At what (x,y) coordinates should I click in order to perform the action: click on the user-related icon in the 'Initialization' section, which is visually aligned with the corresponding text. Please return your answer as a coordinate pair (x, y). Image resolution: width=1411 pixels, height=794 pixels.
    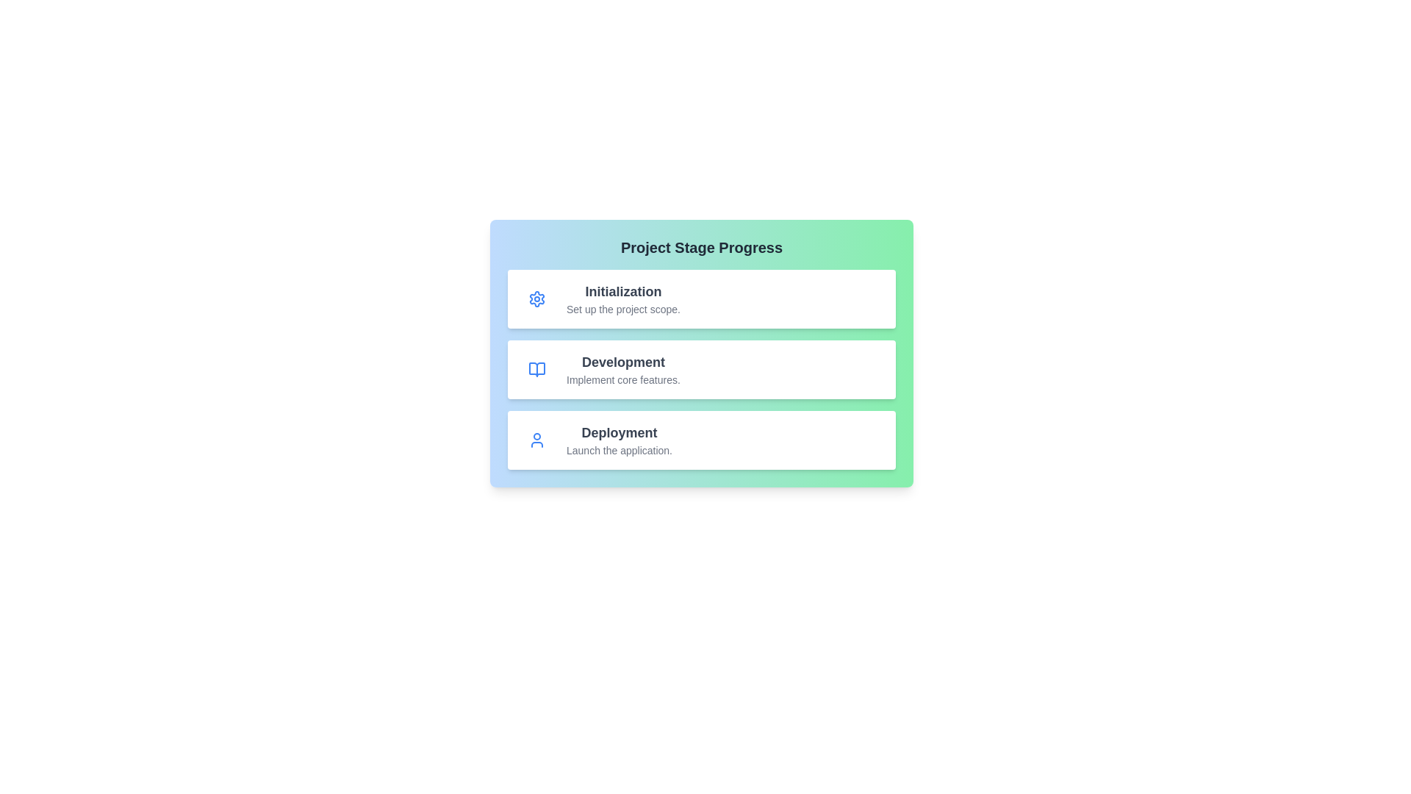
    Looking at the image, I should click on (536, 439).